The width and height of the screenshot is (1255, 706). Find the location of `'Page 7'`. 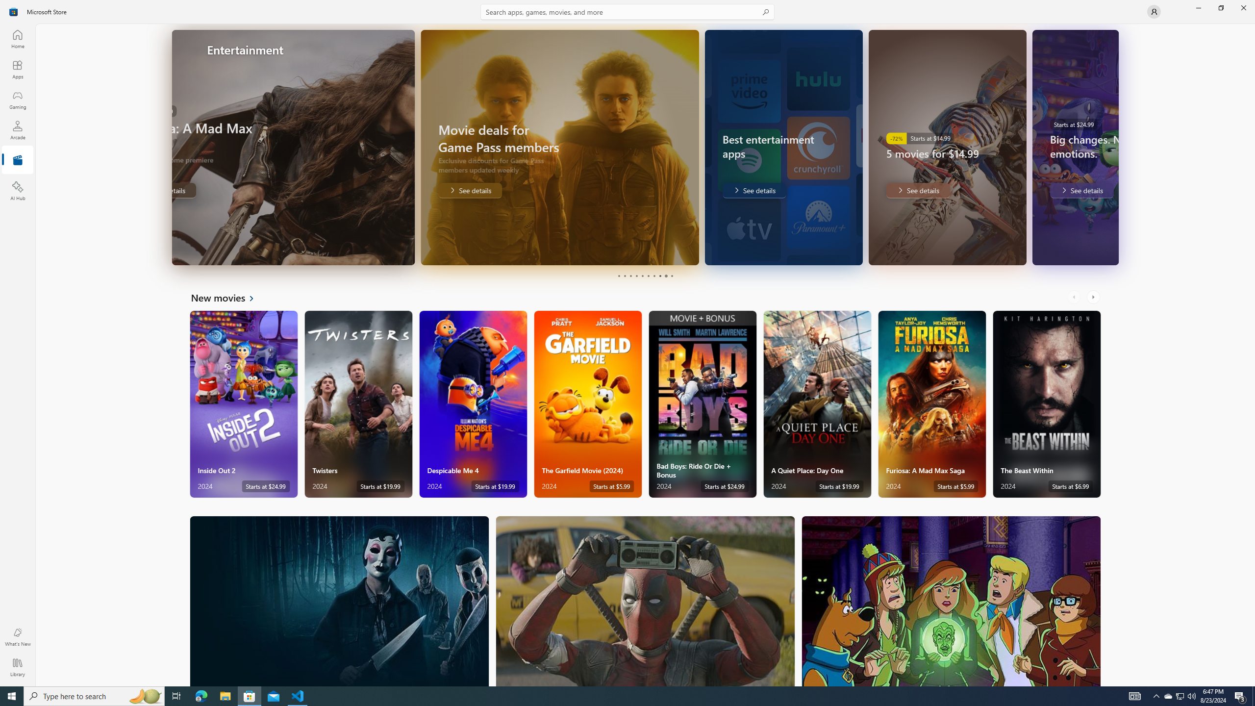

'Page 7' is located at coordinates (653, 276).